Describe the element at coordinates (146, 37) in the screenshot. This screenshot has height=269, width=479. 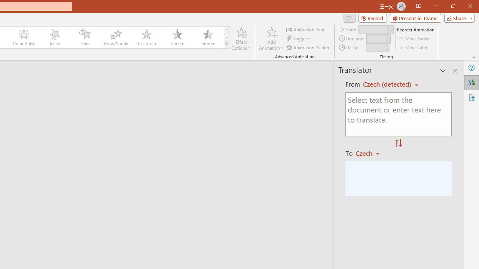
I see `'Desaturate'` at that location.